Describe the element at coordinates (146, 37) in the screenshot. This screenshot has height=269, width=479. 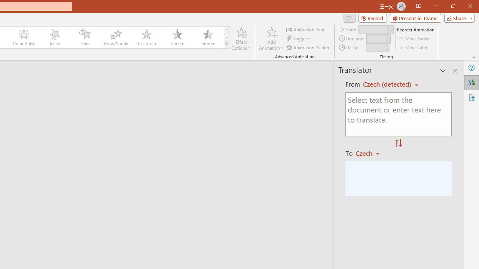
I see `'Desaturate'` at that location.